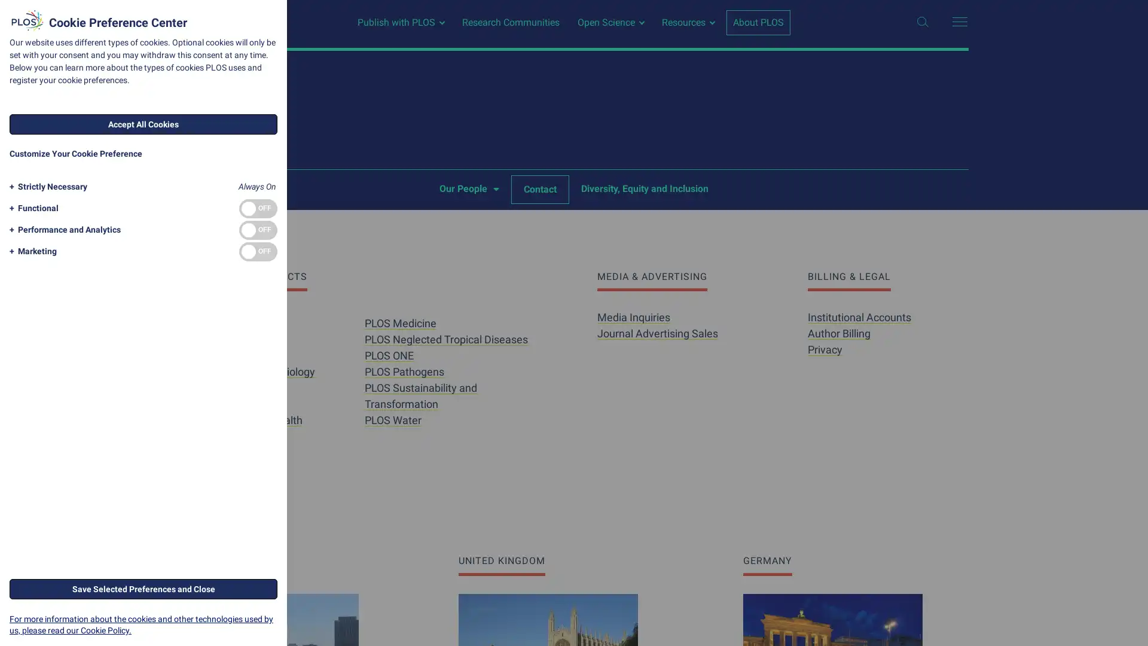 The width and height of the screenshot is (1148, 646). What do you see at coordinates (143, 124) in the screenshot?
I see `Accept All Cookies` at bounding box center [143, 124].